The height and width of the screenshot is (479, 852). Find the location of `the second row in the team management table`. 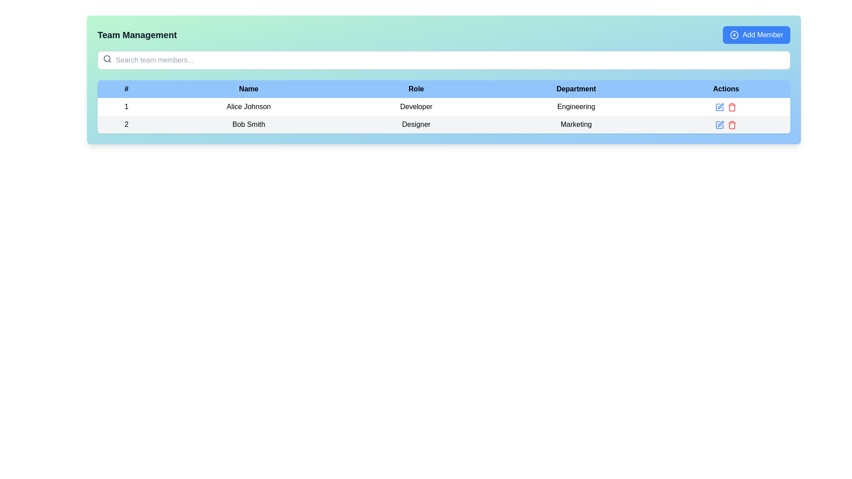

the second row in the team management table is located at coordinates (444, 125).